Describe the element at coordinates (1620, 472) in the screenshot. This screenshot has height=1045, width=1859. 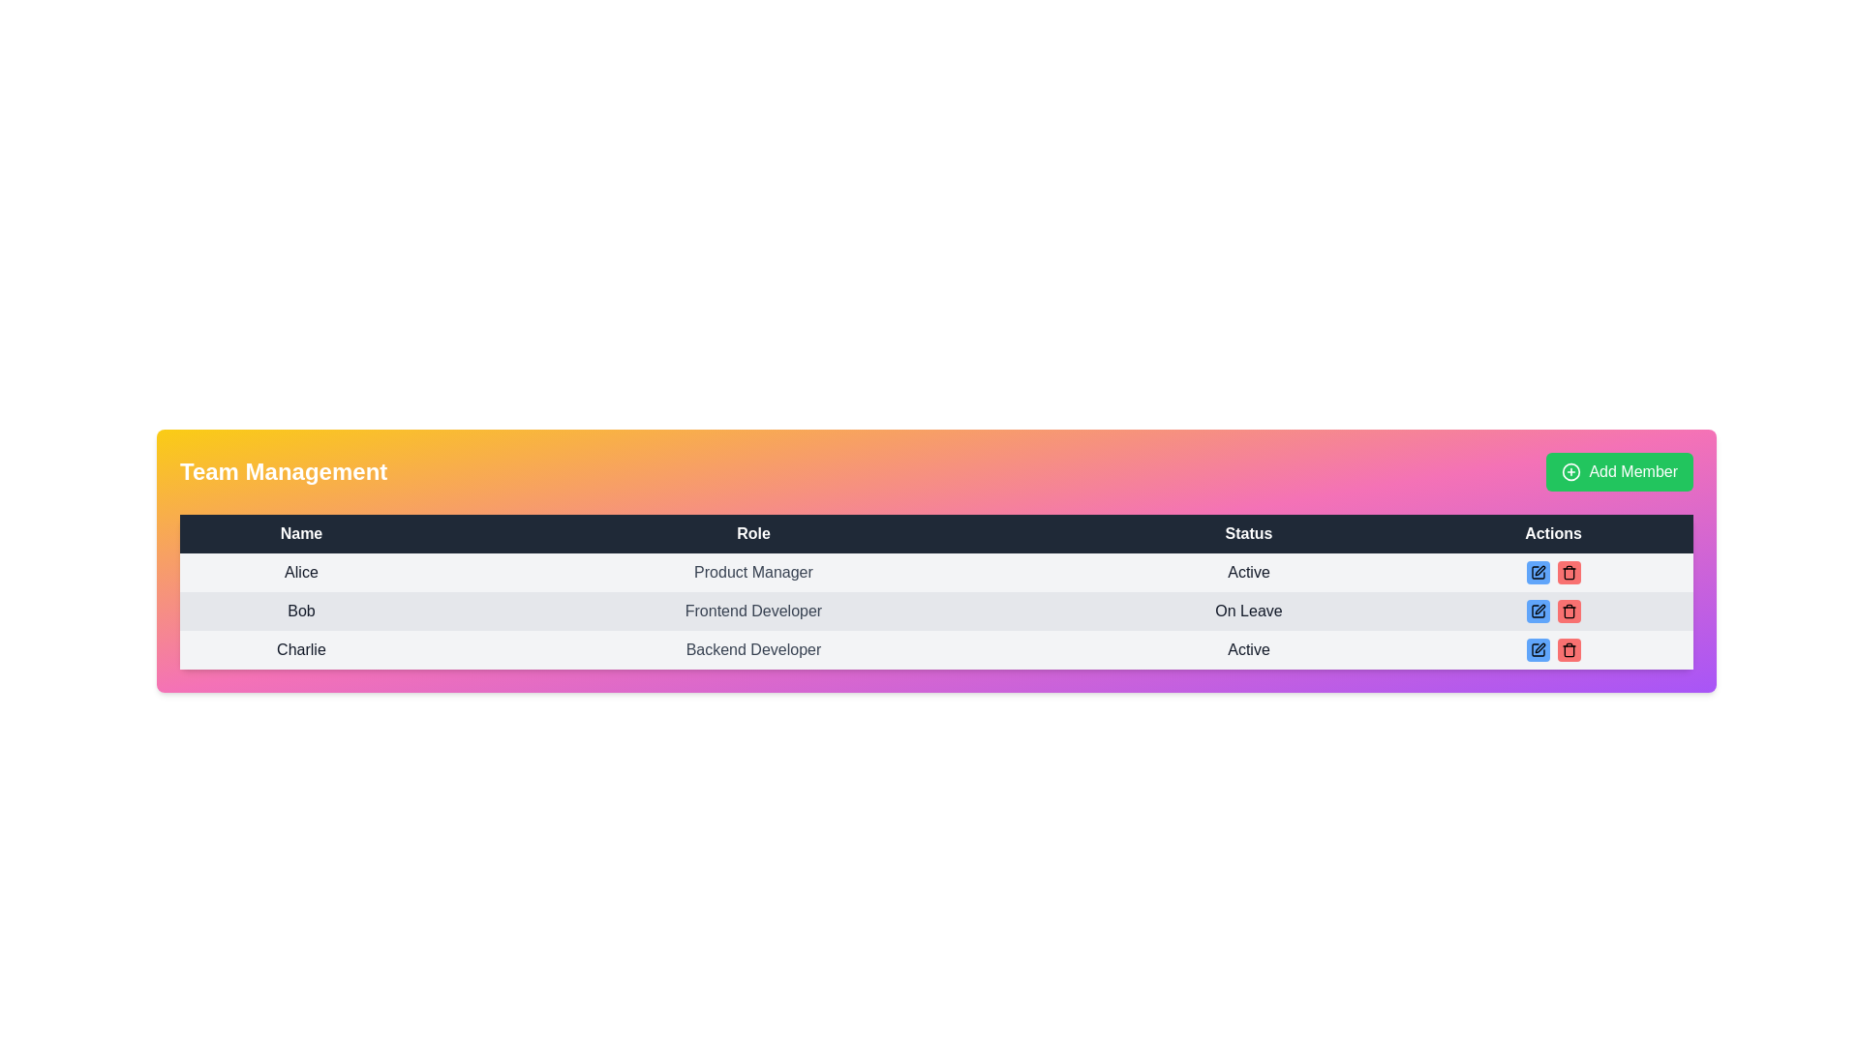
I see `the button on the right side of the header section labeled 'Team Management'` at that location.